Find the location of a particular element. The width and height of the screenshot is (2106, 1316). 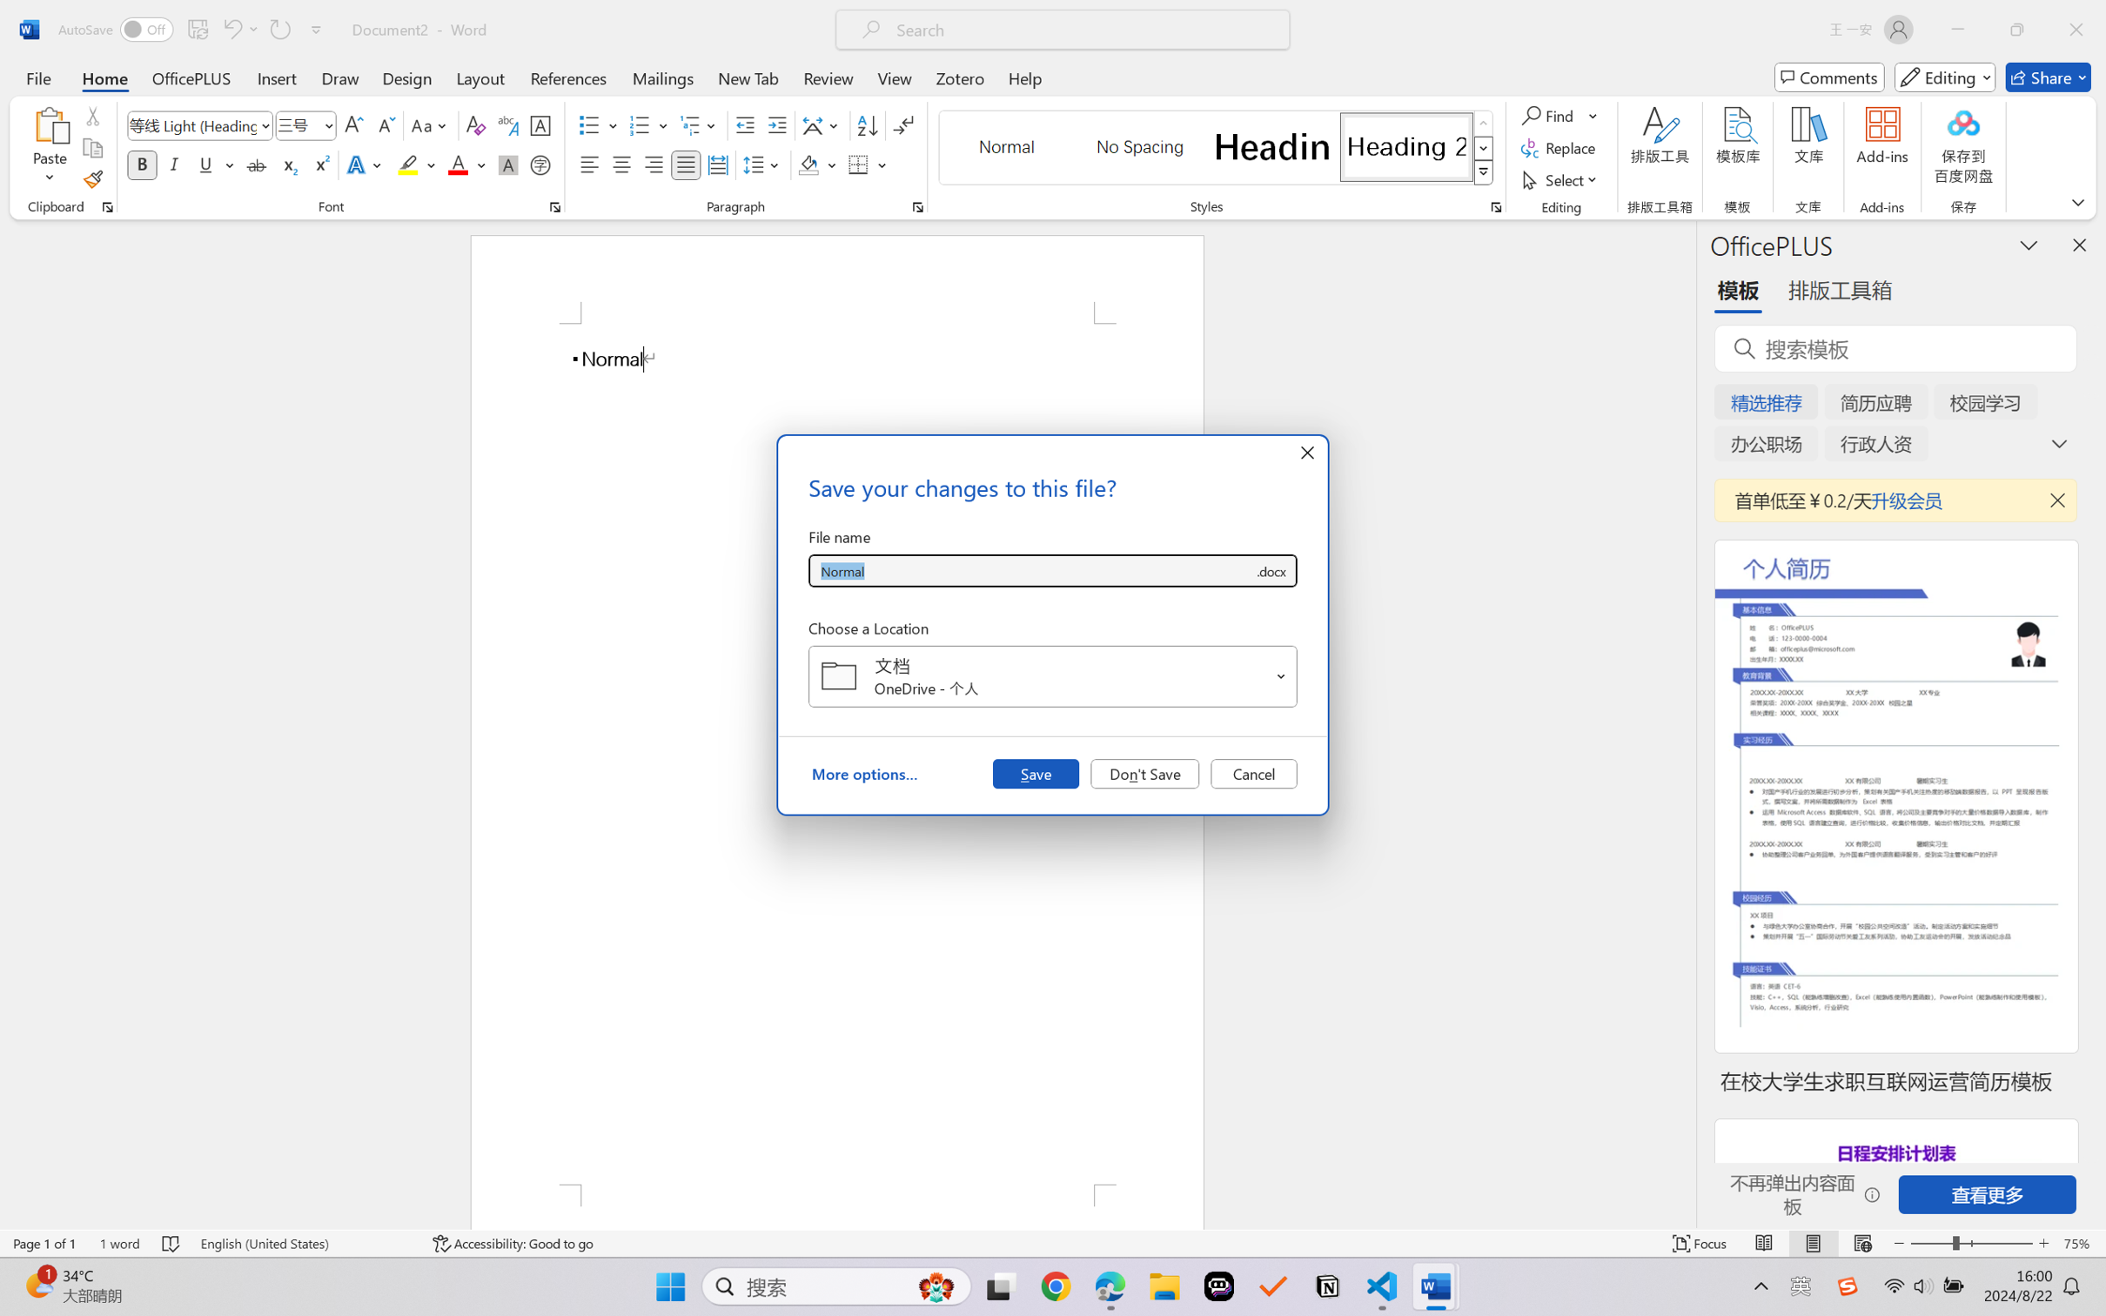

'Class: NetUIImage' is located at coordinates (1482, 172).